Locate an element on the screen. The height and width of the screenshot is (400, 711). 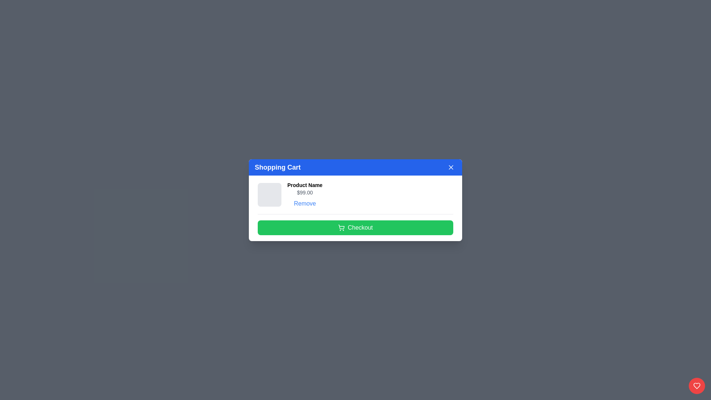
the text label that serves as the title for the shopping cart popup, located in the center-left of the blue header bar, aligned to the left of the close button is located at coordinates (277, 167).